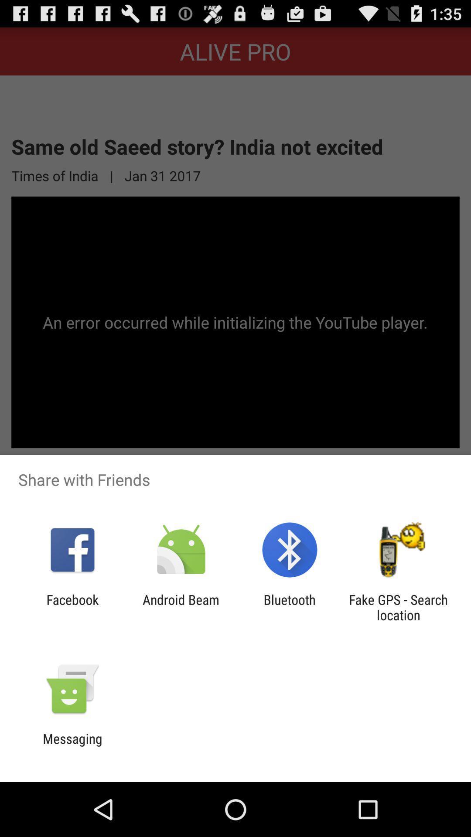  I want to click on the bluetooth icon, so click(290, 607).